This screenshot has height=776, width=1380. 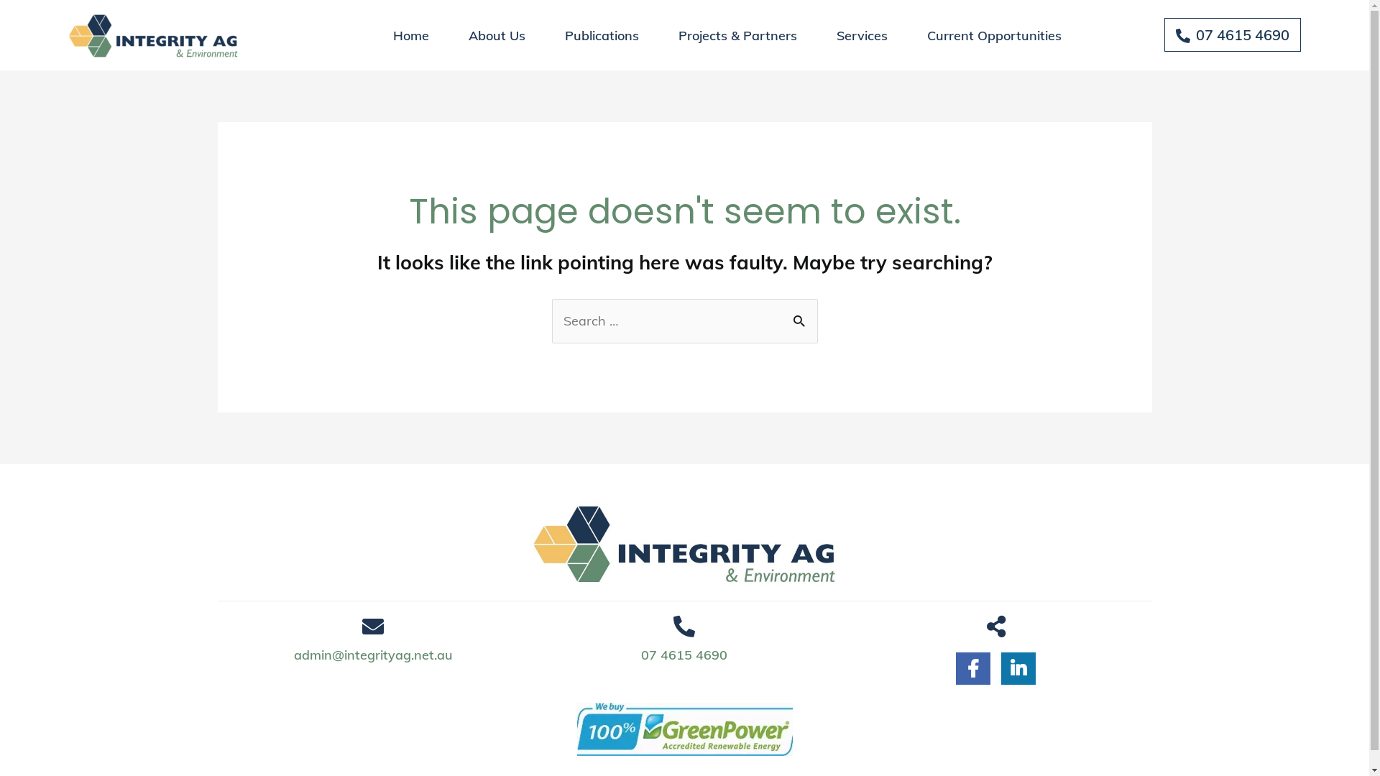 What do you see at coordinates (497, 34) in the screenshot?
I see `'About Us'` at bounding box center [497, 34].